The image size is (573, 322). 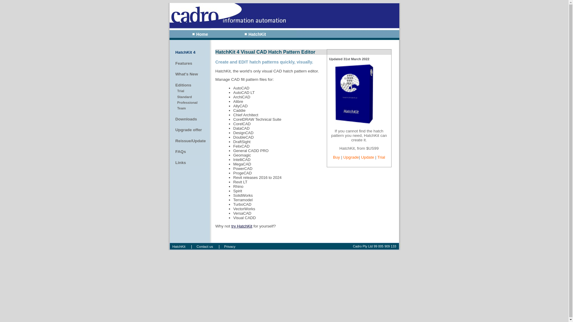 I want to click on 'Trial', so click(x=381, y=157).